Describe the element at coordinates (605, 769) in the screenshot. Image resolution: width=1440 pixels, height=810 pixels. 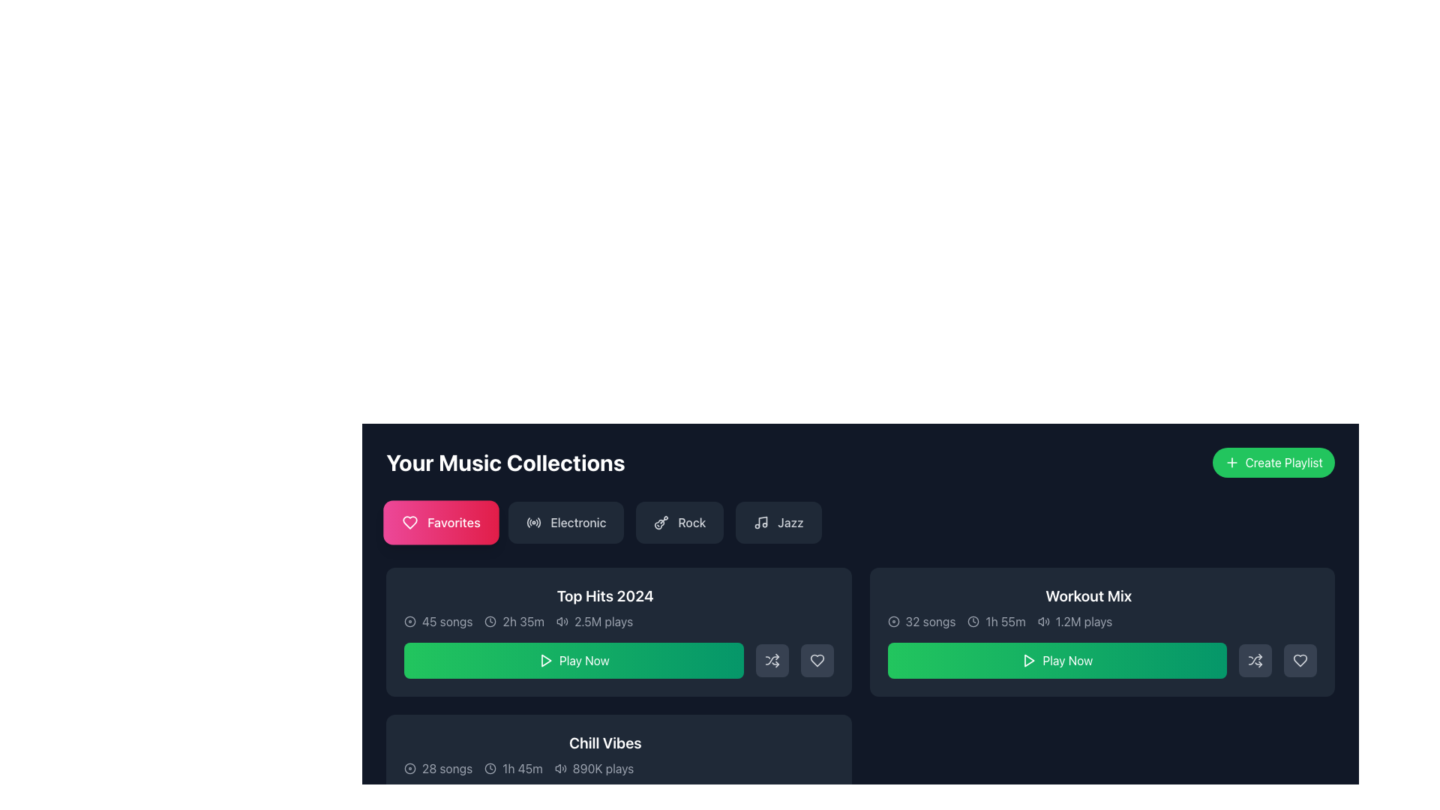
I see `the interactive elements surrounding the Informational text group with icons that display song count, duration, and play count located in the 'Chill Vibes' section` at that location.